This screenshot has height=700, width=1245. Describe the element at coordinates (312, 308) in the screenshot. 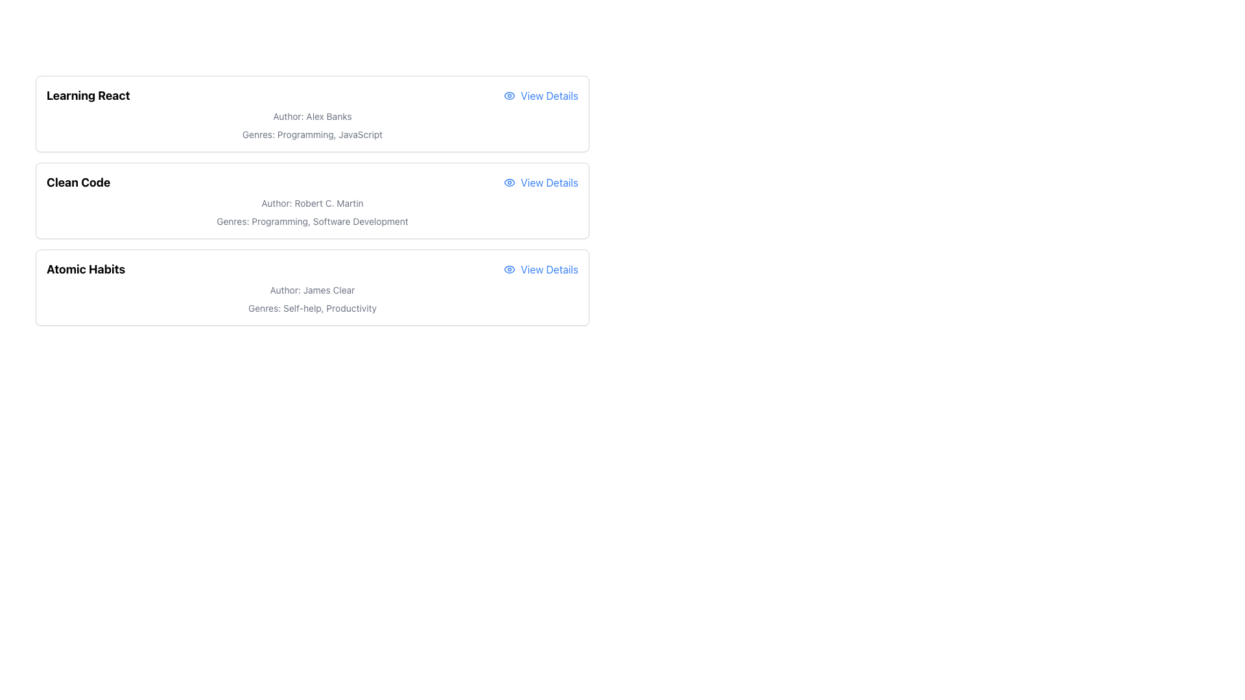

I see `the text element that provides contextual information about the book genres, located below the author information 'Author: James Clear' in the third section of the book cards` at that location.